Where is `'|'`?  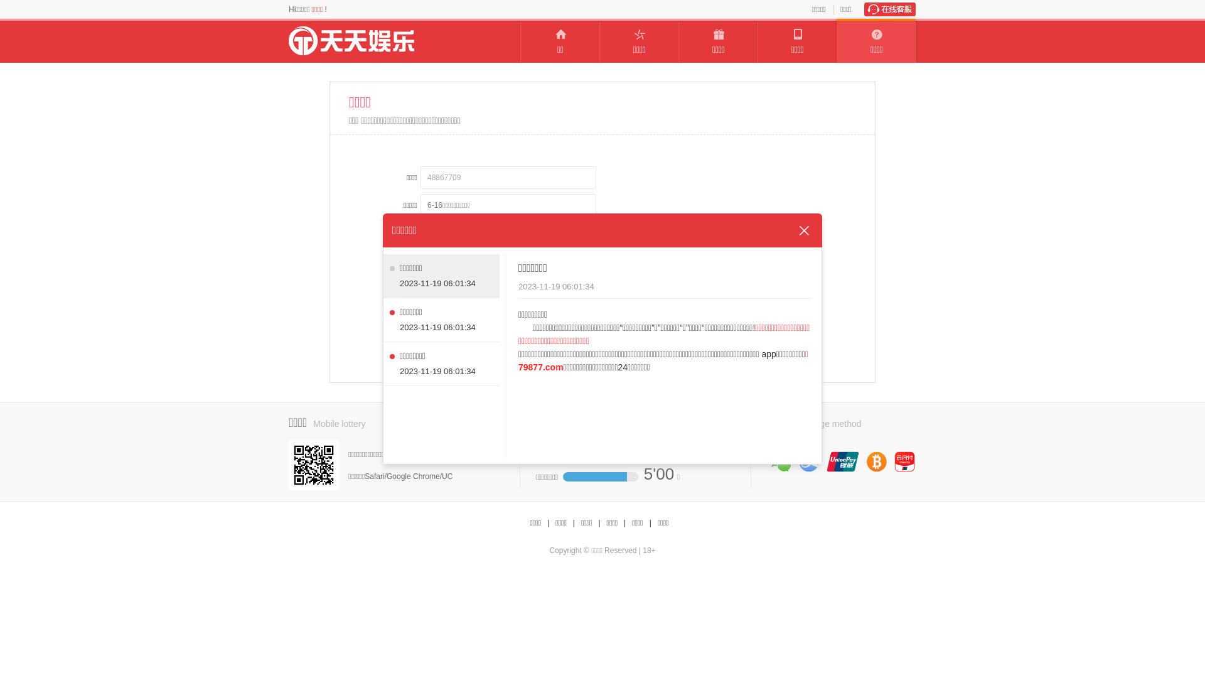 '|' is located at coordinates (650, 523).